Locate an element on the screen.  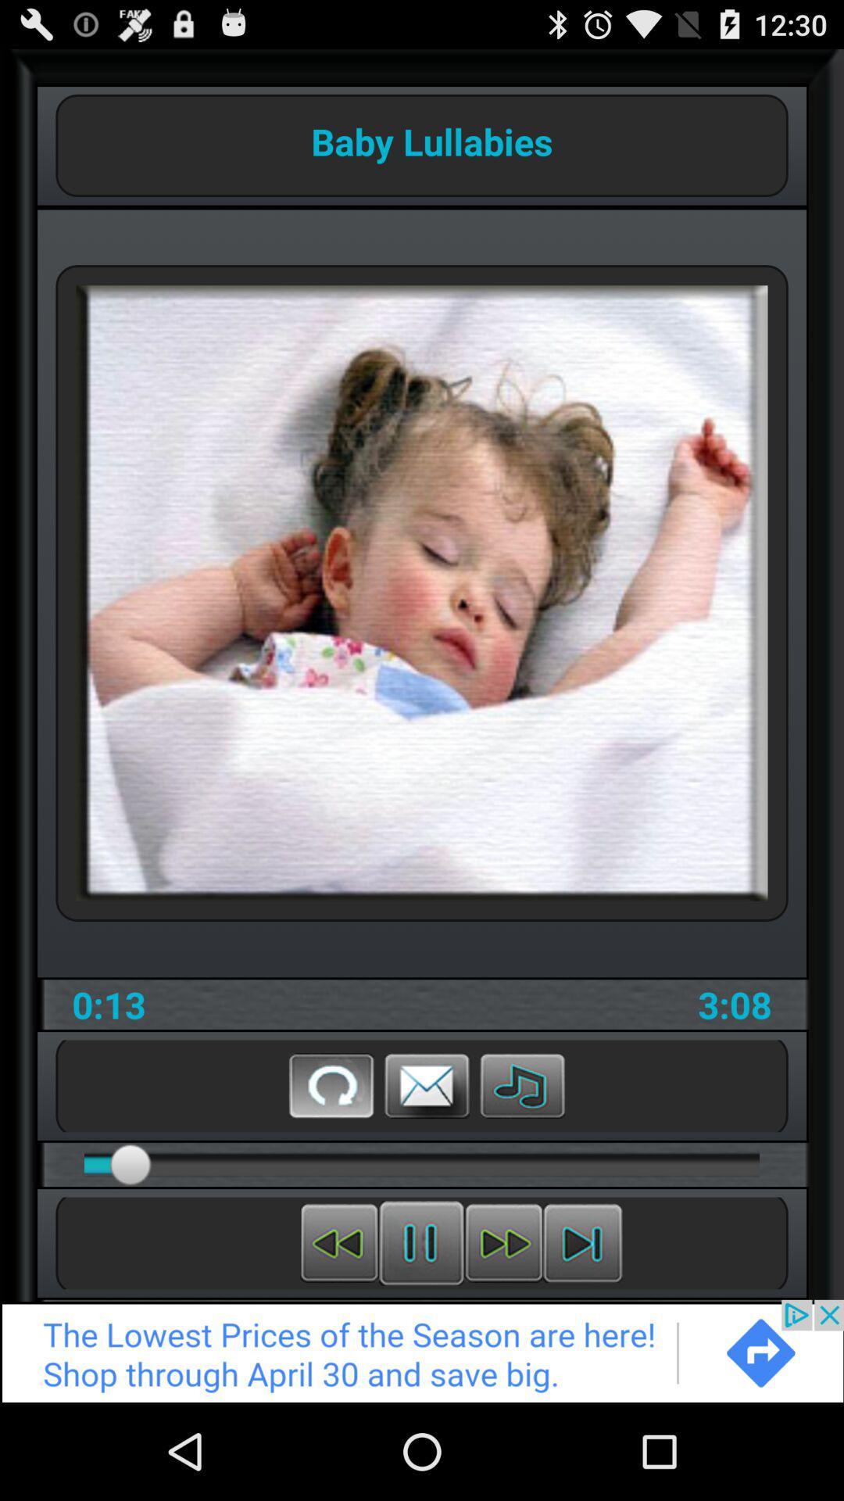
e mail option is located at coordinates (427, 1084).